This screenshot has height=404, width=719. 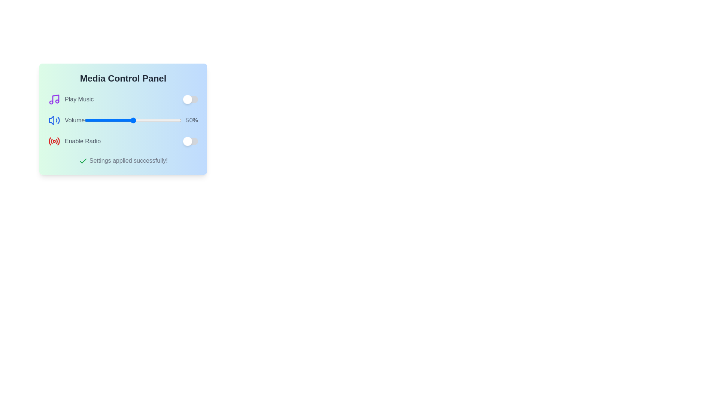 I want to click on the Text label associated with the musical note icon in the Media Control Panel, which is located to the right of the musical note icon and above the Volume and Enable Radio options, so click(x=79, y=99).